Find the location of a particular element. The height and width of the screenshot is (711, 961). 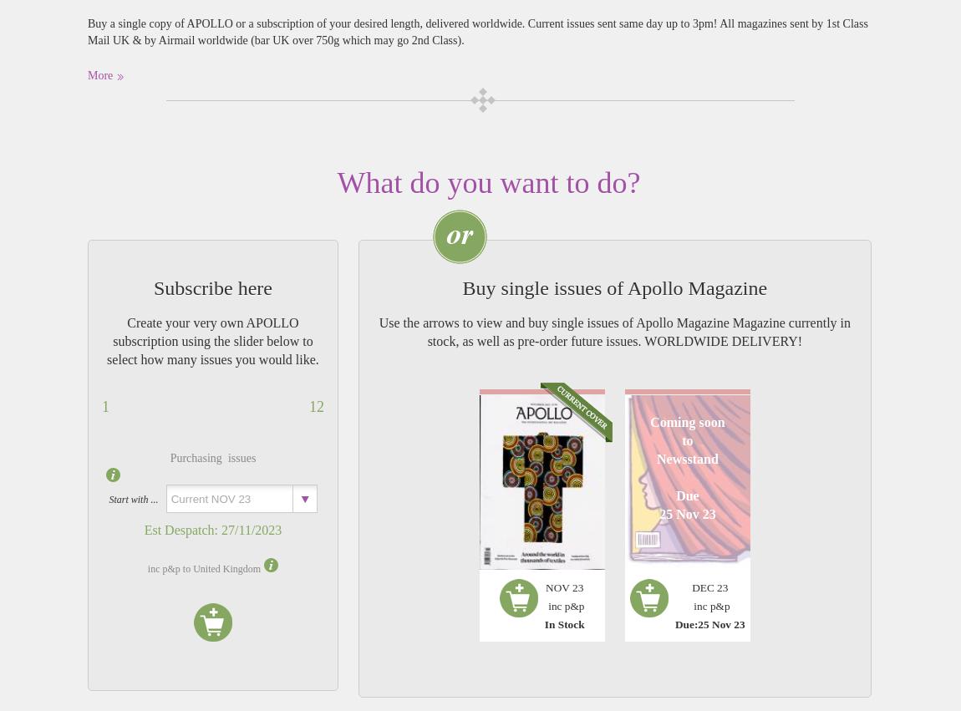

'issues' is located at coordinates (239, 457).